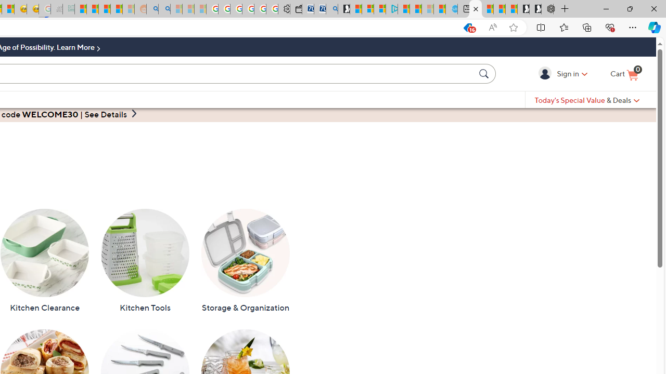 Image resolution: width=666 pixels, height=374 pixels. I want to click on 'Today', so click(587, 100).